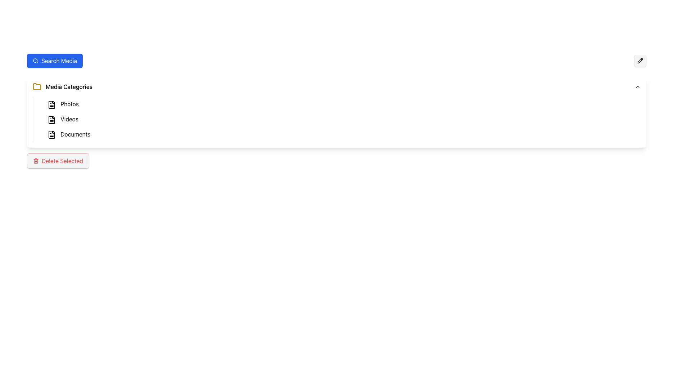  Describe the element at coordinates (51, 119) in the screenshot. I see `the small icon resembling a document with a rectangular outline and internal lines representing text, located under the heading 'Media Categories' associated with the 'Videos' option` at that location.